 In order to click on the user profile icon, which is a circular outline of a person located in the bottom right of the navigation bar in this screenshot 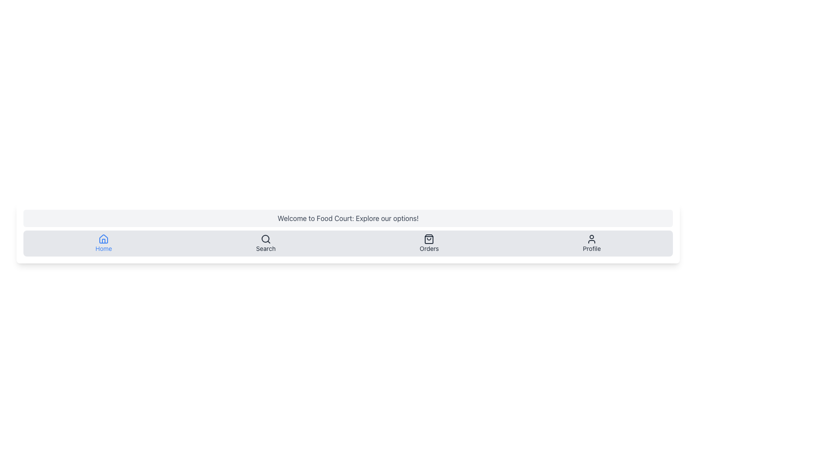, I will do `click(591, 239)`.